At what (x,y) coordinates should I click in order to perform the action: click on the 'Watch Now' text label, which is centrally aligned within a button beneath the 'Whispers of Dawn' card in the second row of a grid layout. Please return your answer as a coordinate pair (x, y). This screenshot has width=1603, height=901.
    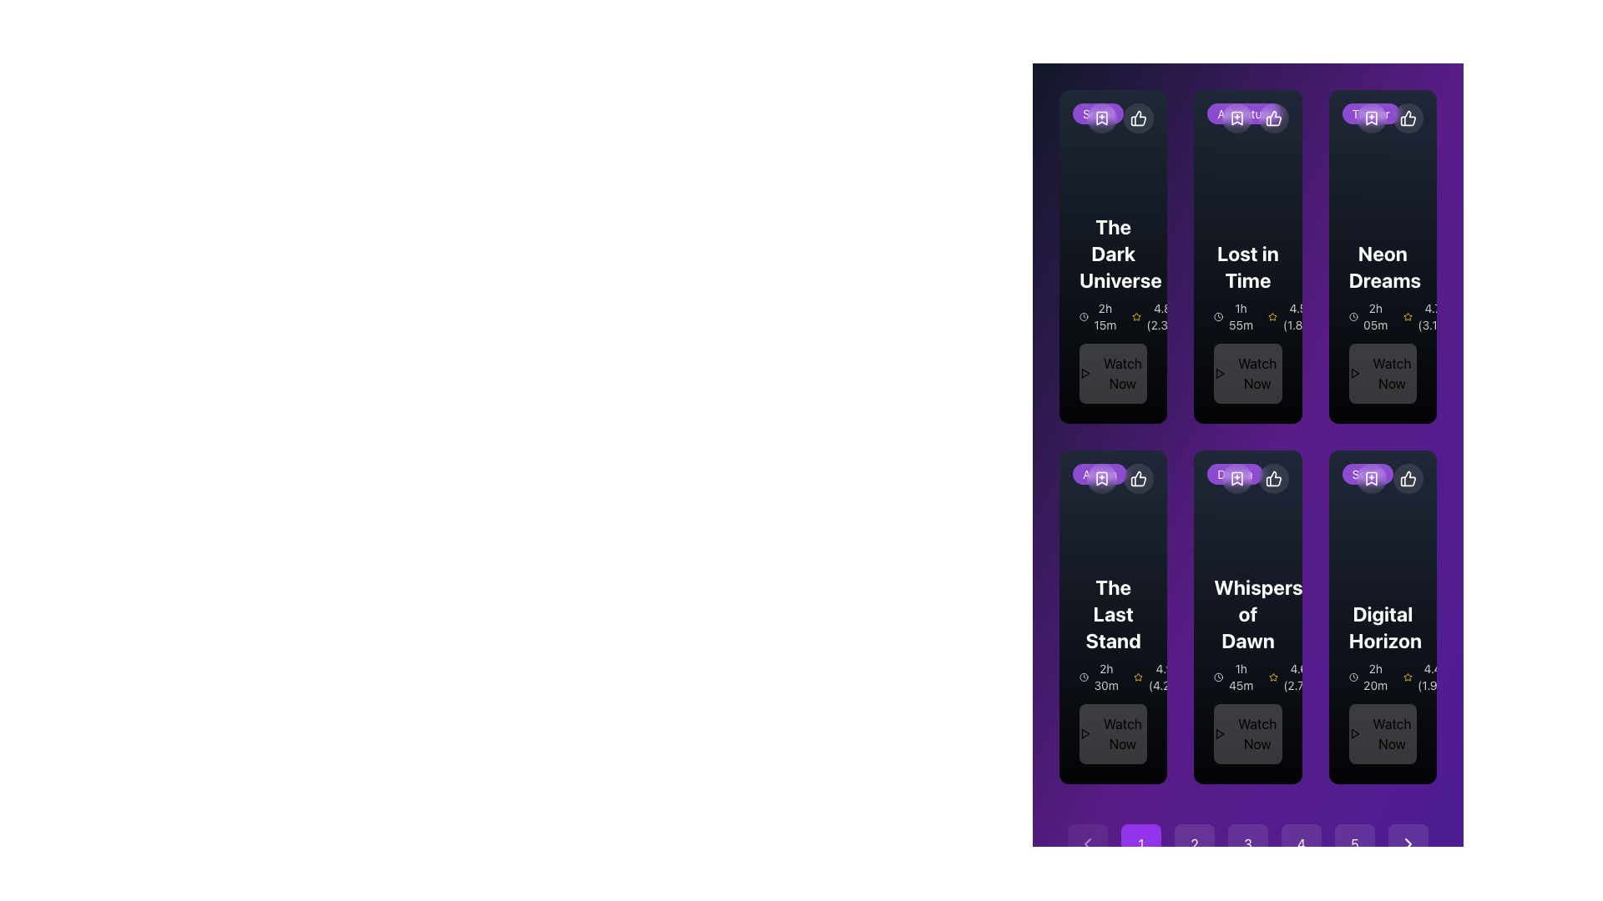
    Looking at the image, I should click on (1257, 732).